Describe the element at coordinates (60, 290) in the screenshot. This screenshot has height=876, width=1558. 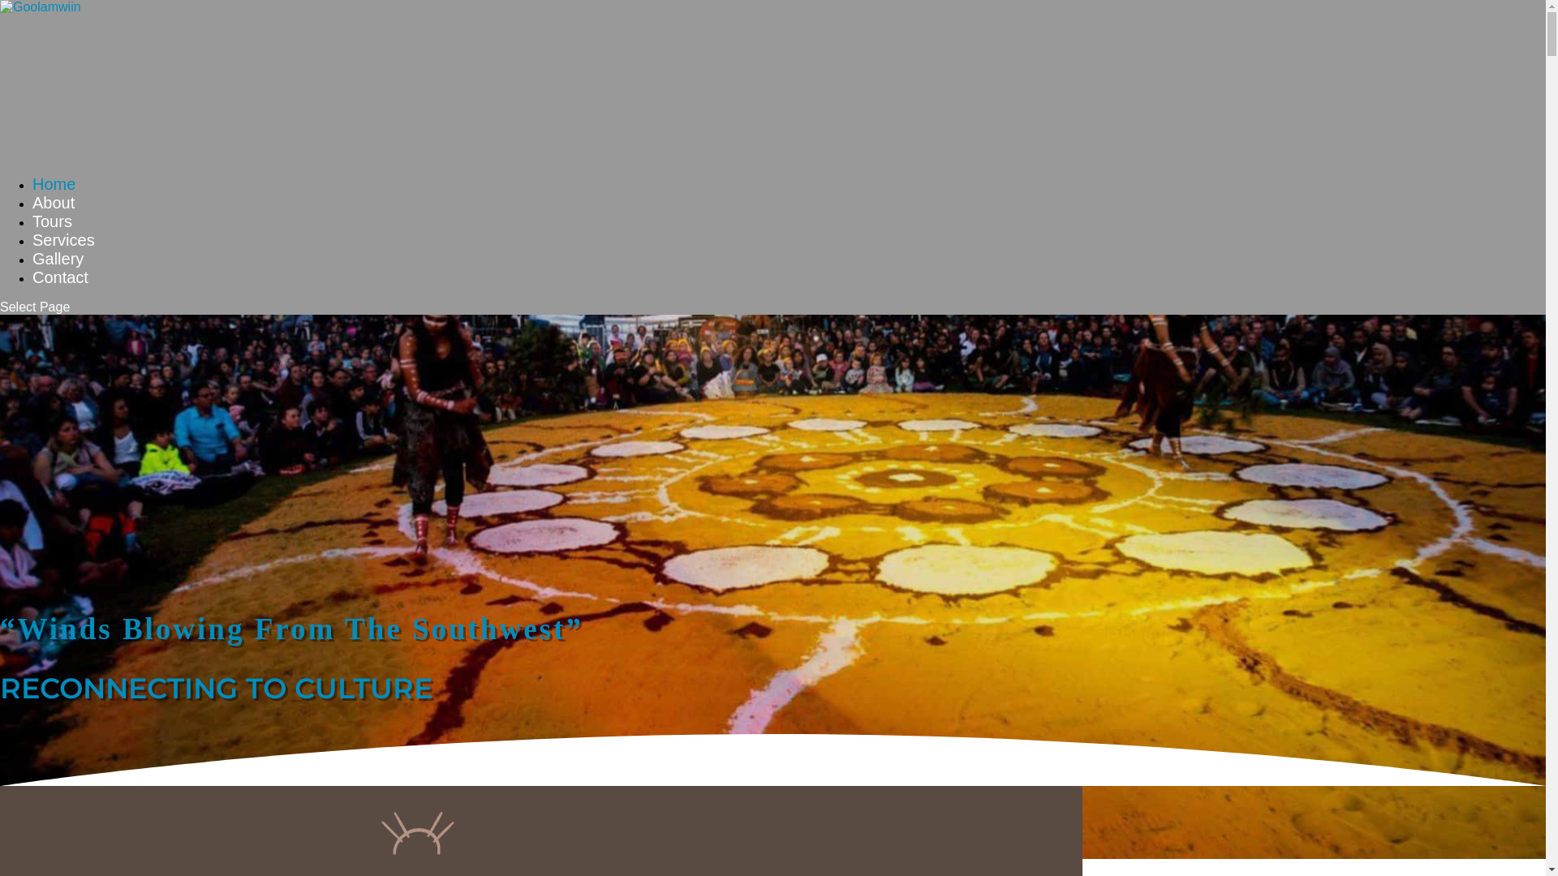
I see `'Contact'` at that location.